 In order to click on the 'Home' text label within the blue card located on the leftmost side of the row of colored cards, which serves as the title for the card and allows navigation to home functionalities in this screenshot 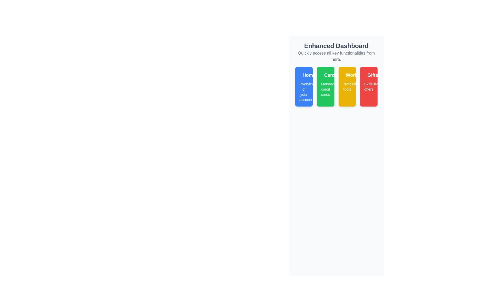, I will do `click(309, 75)`.